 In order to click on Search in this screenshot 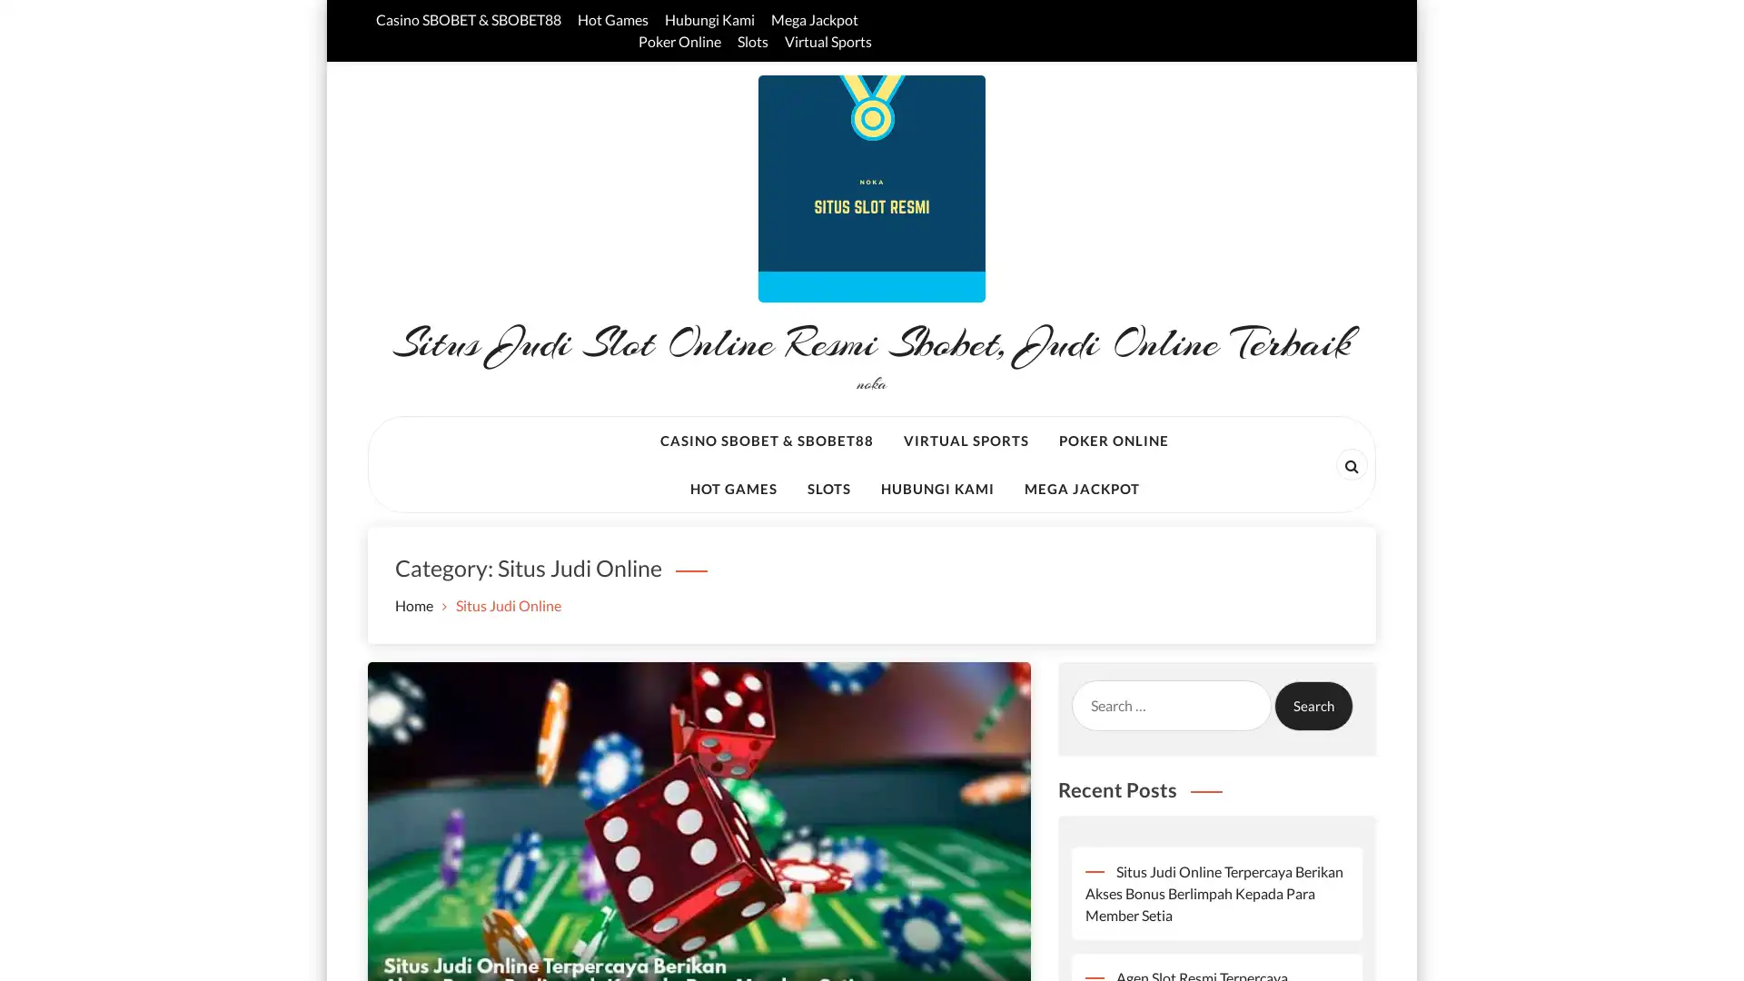, I will do `click(1313, 704)`.